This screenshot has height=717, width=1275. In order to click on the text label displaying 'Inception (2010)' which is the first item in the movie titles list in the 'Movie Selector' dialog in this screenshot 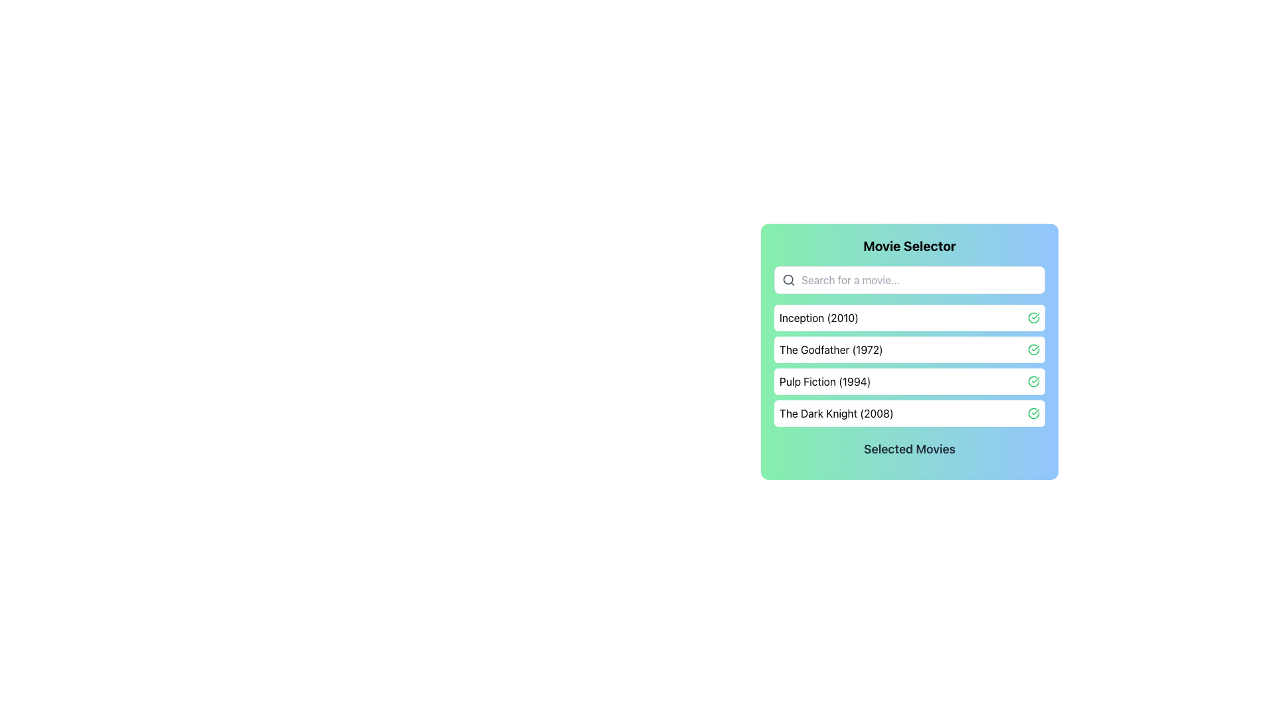, I will do `click(818, 317)`.